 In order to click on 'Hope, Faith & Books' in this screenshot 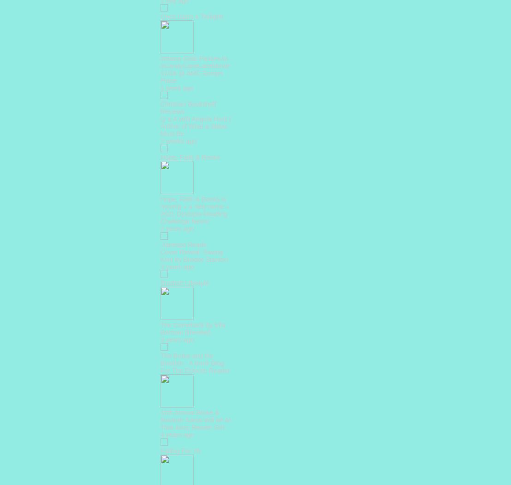, I will do `click(190, 156)`.